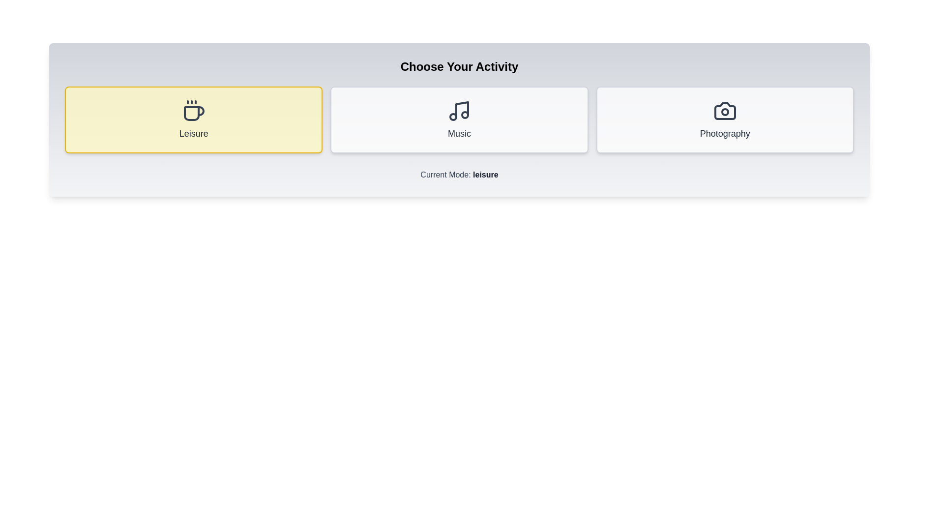 The width and height of the screenshot is (944, 531). Describe the element at coordinates (193, 119) in the screenshot. I see `the 'Leisure' button` at that location.